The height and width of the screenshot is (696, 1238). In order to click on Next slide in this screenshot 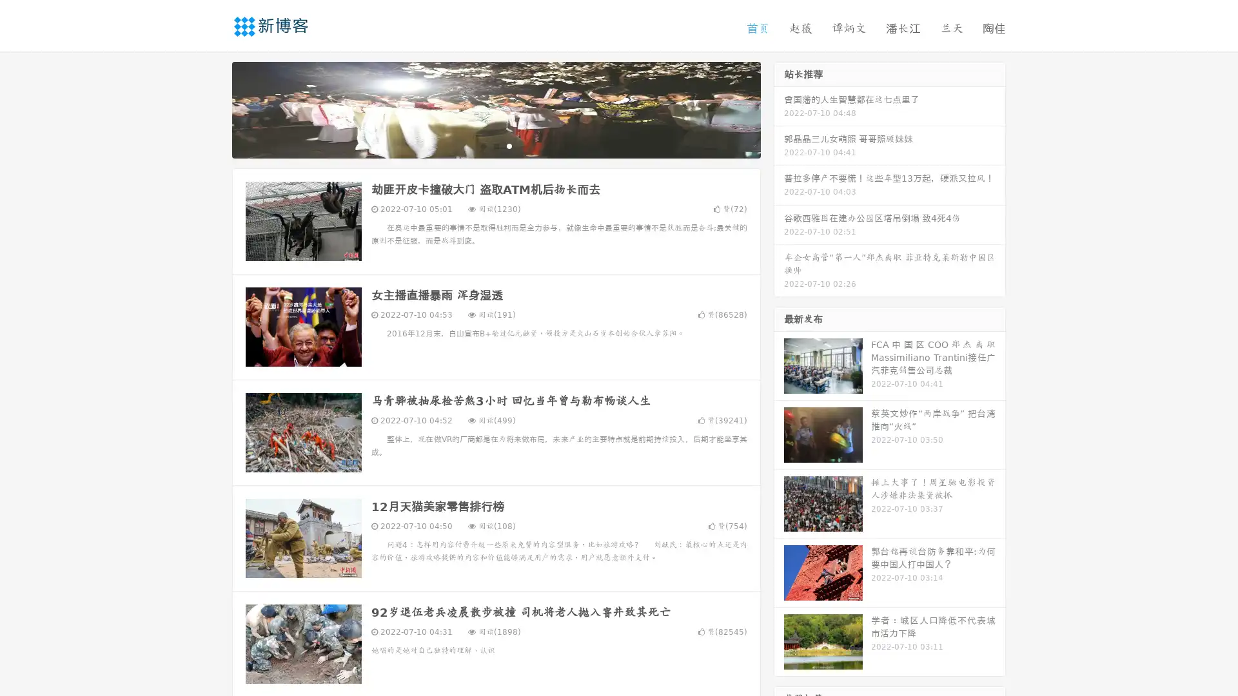, I will do `click(779, 108)`.